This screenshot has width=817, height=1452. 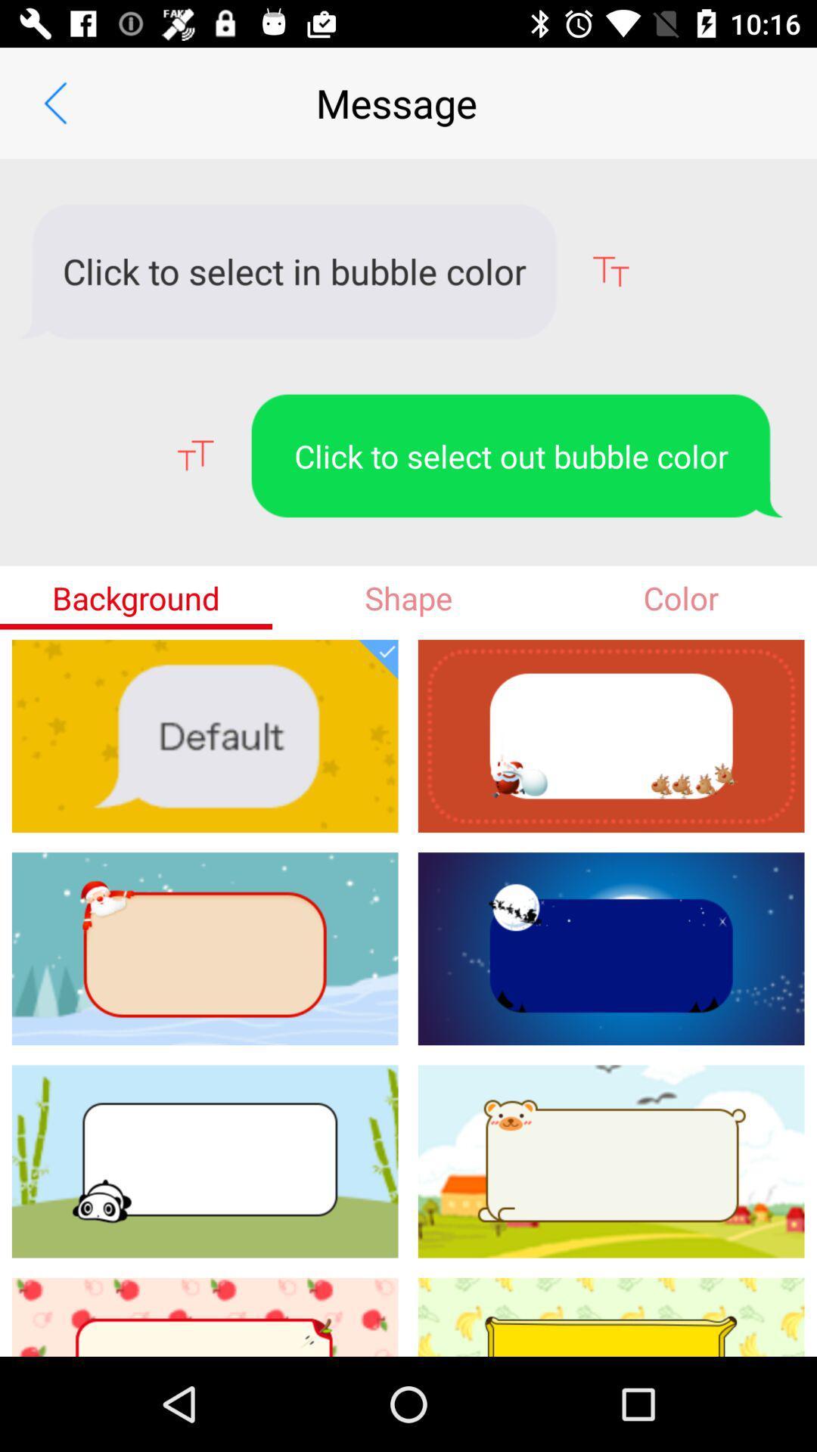 What do you see at coordinates (54, 102) in the screenshot?
I see `item above the click to select icon` at bounding box center [54, 102].